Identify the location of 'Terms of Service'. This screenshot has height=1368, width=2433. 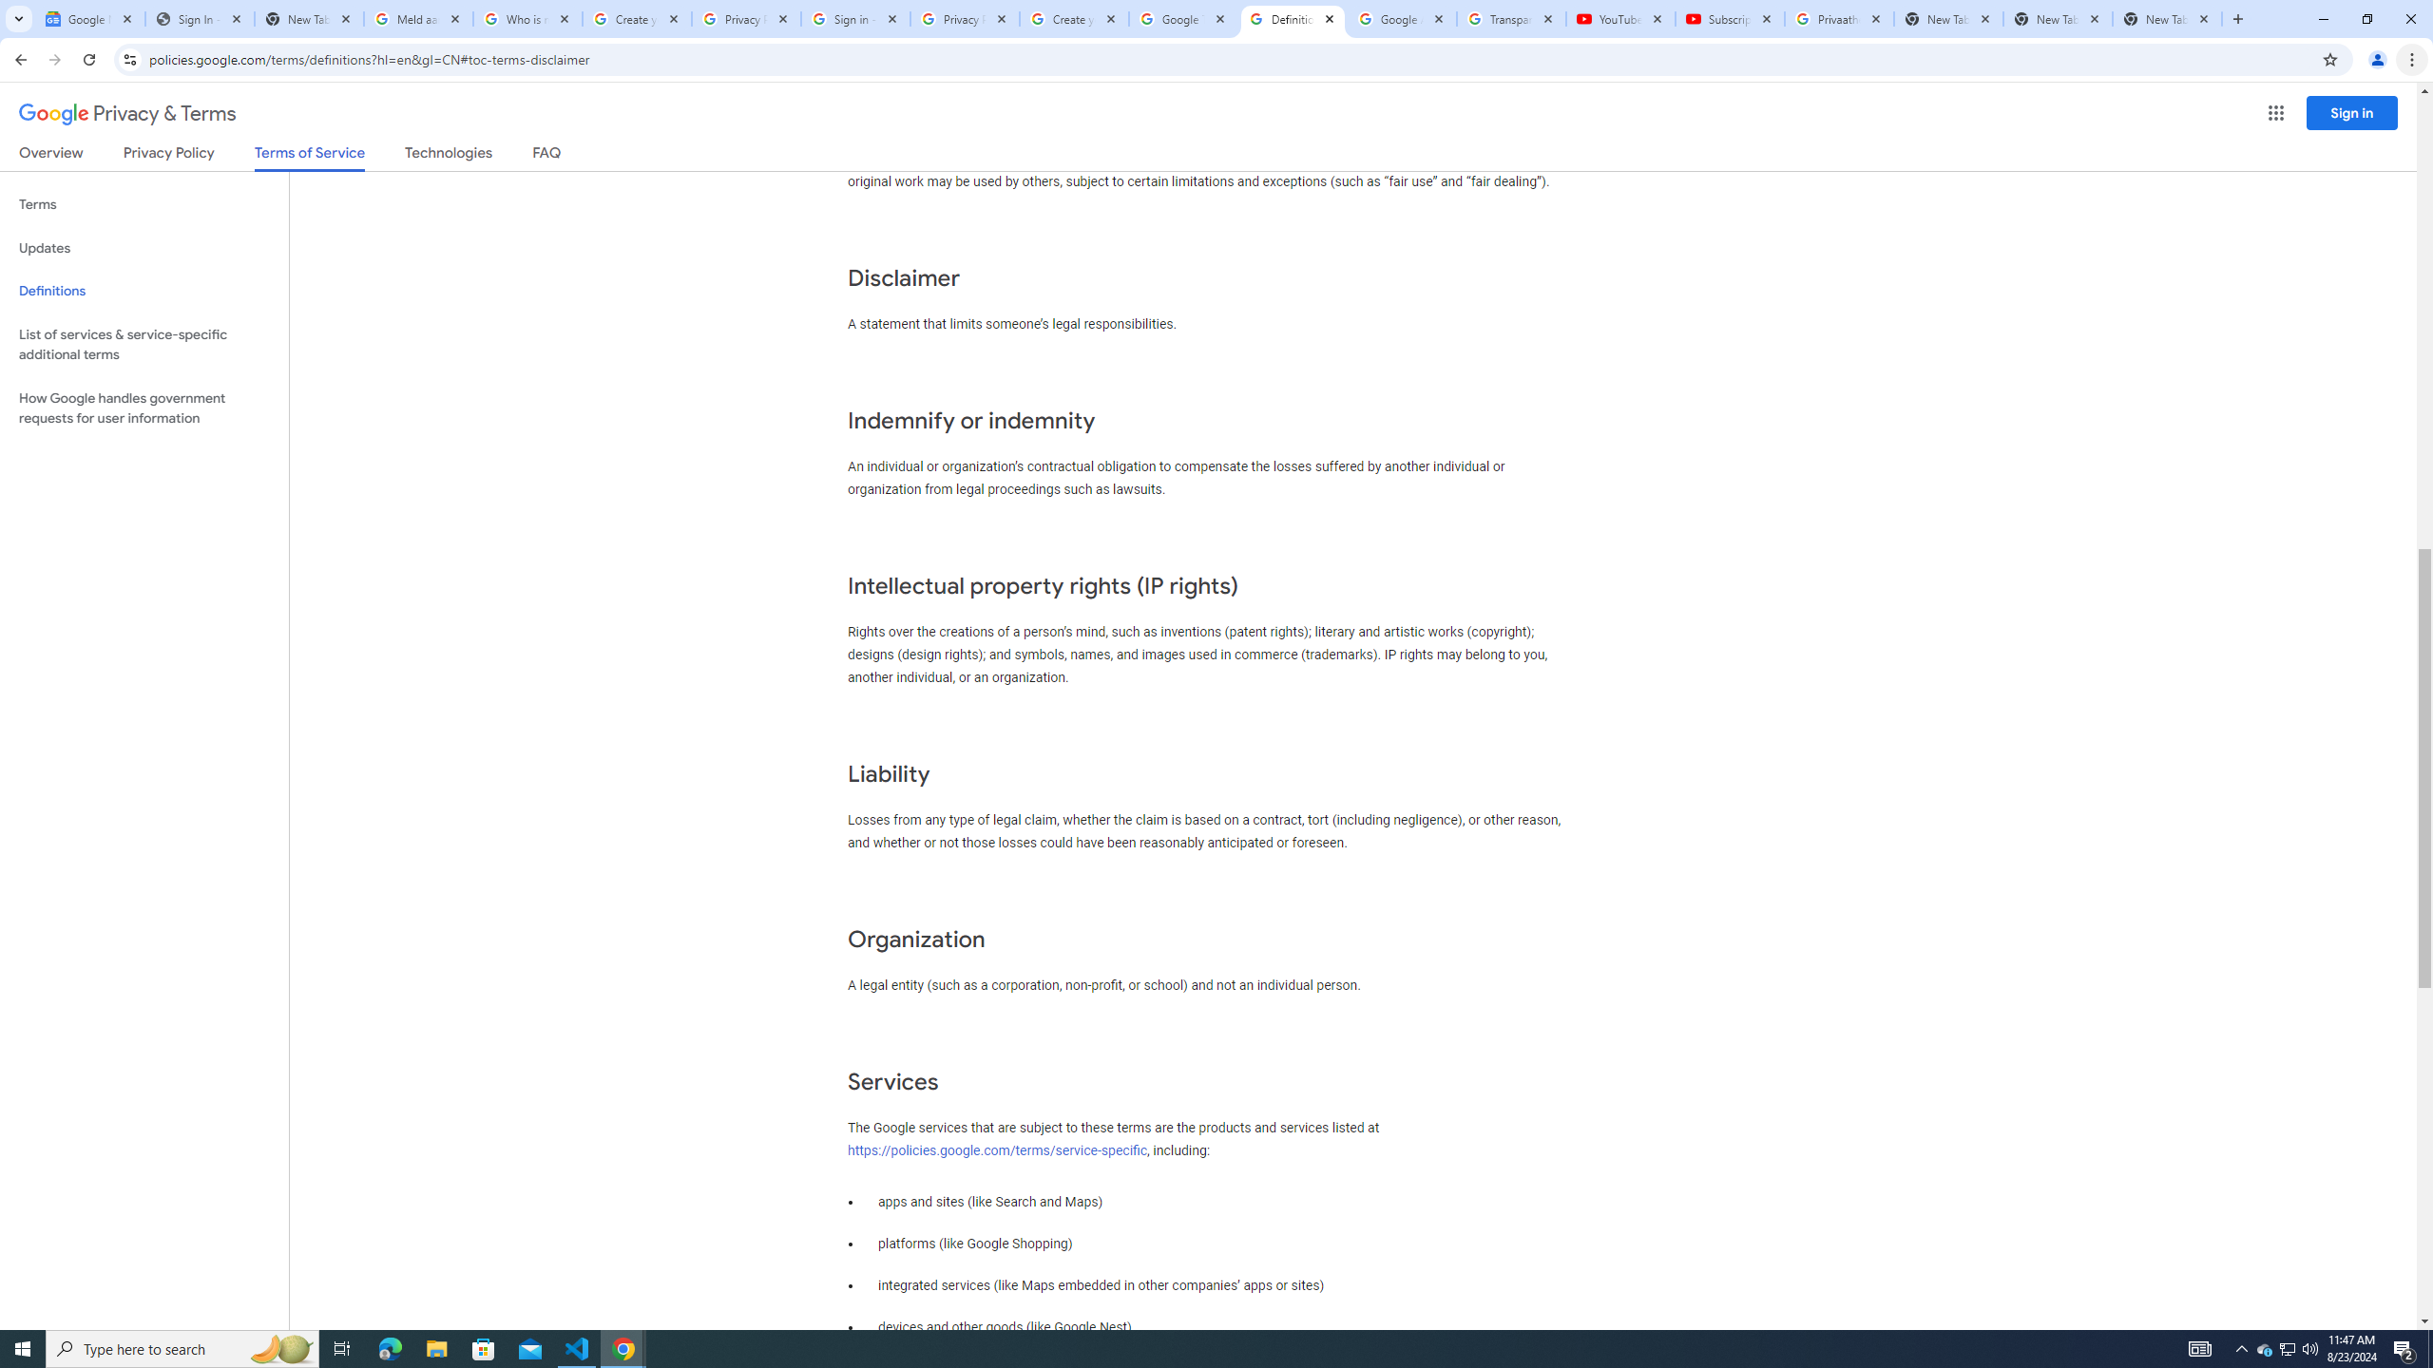
(309, 157).